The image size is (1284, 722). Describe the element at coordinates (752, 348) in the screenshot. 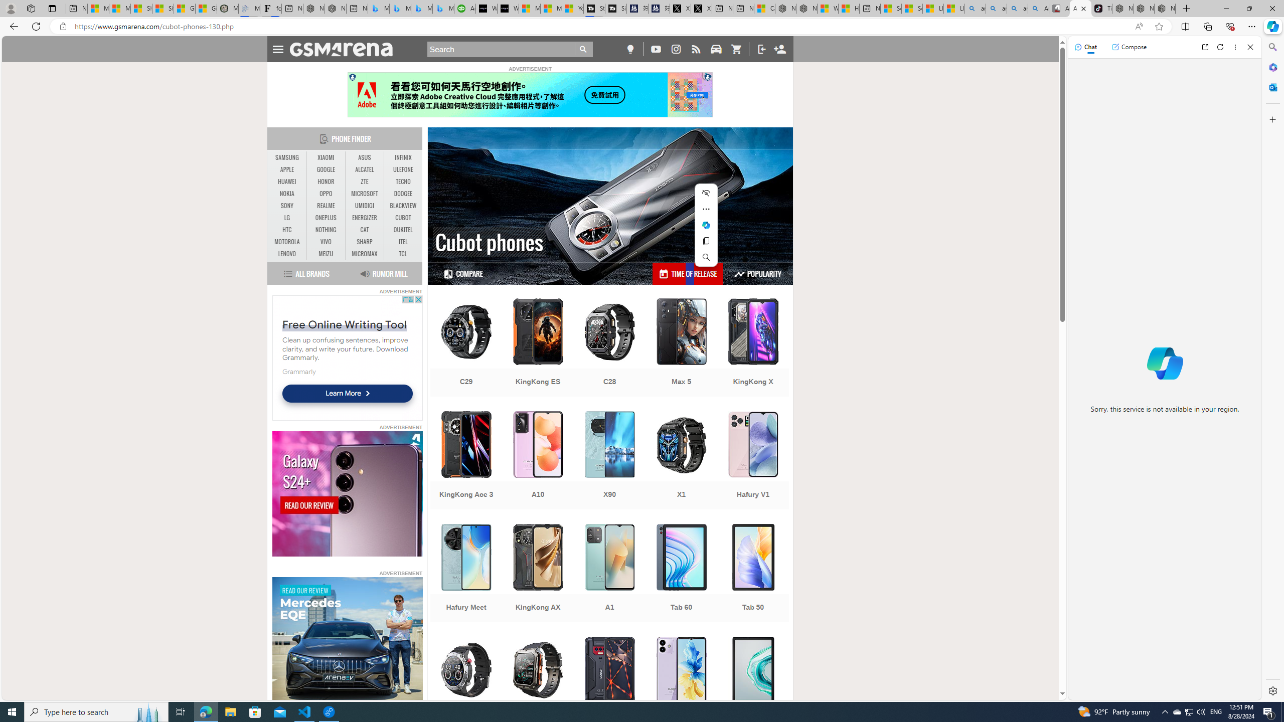

I see `'KingKong X'` at that location.